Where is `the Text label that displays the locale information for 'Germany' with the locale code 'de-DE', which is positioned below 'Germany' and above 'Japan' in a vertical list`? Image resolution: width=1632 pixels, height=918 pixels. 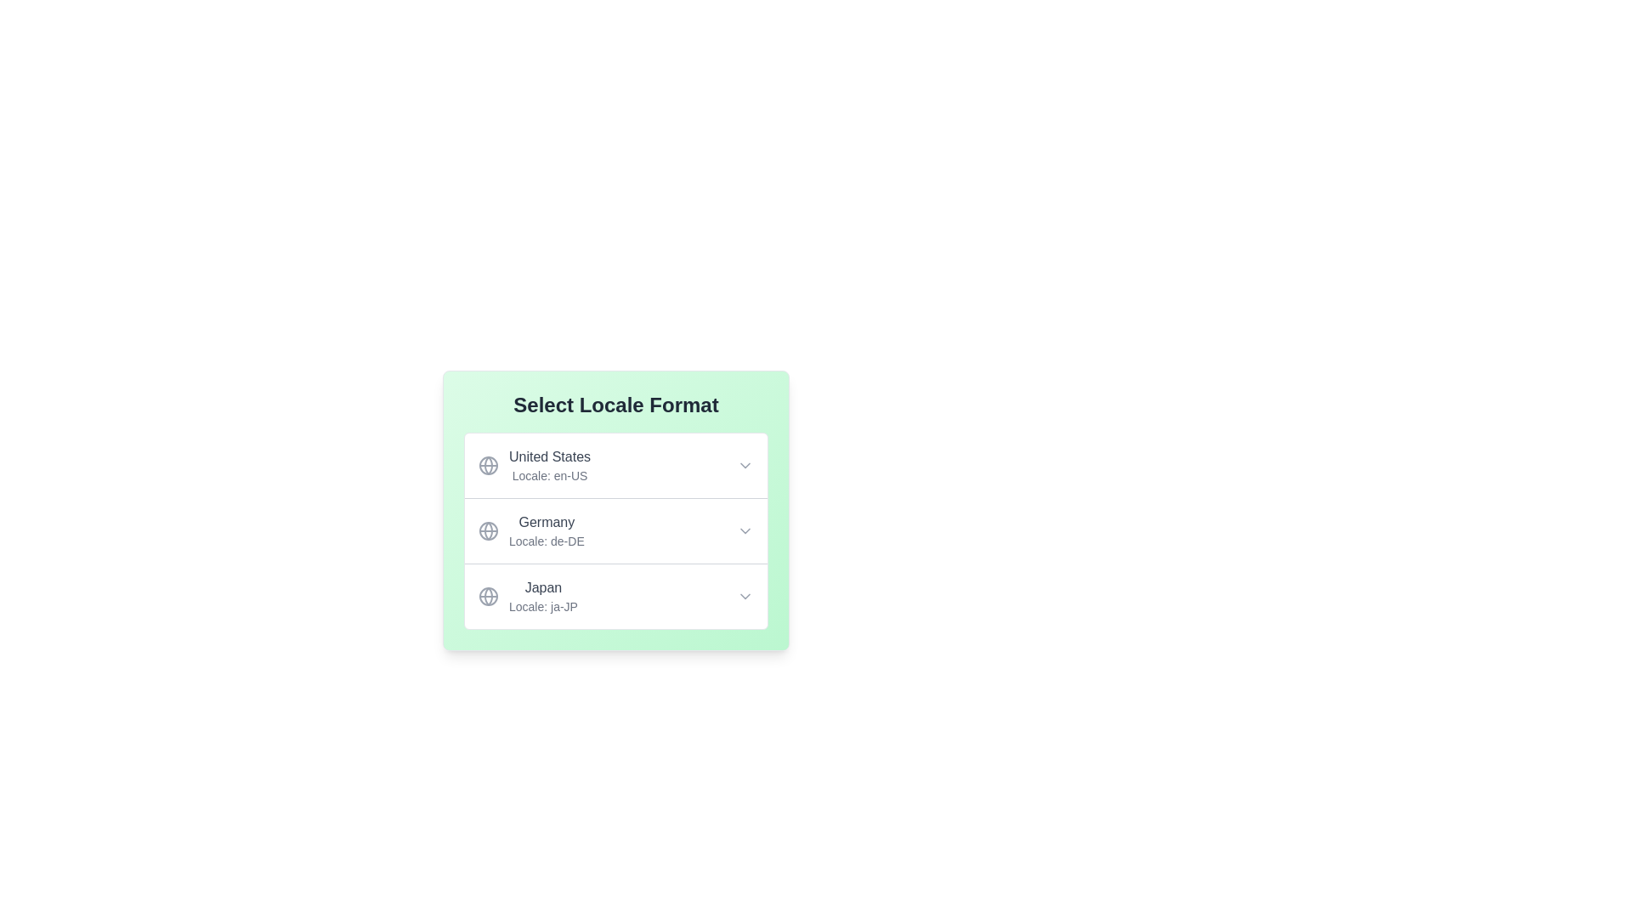 the Text label that displays the locale information for 'Germany' with the locale code 'de-DE', which is positioned below 'Germany' and above 'Japan' in a vertical list is located at coordinates (547, 541).